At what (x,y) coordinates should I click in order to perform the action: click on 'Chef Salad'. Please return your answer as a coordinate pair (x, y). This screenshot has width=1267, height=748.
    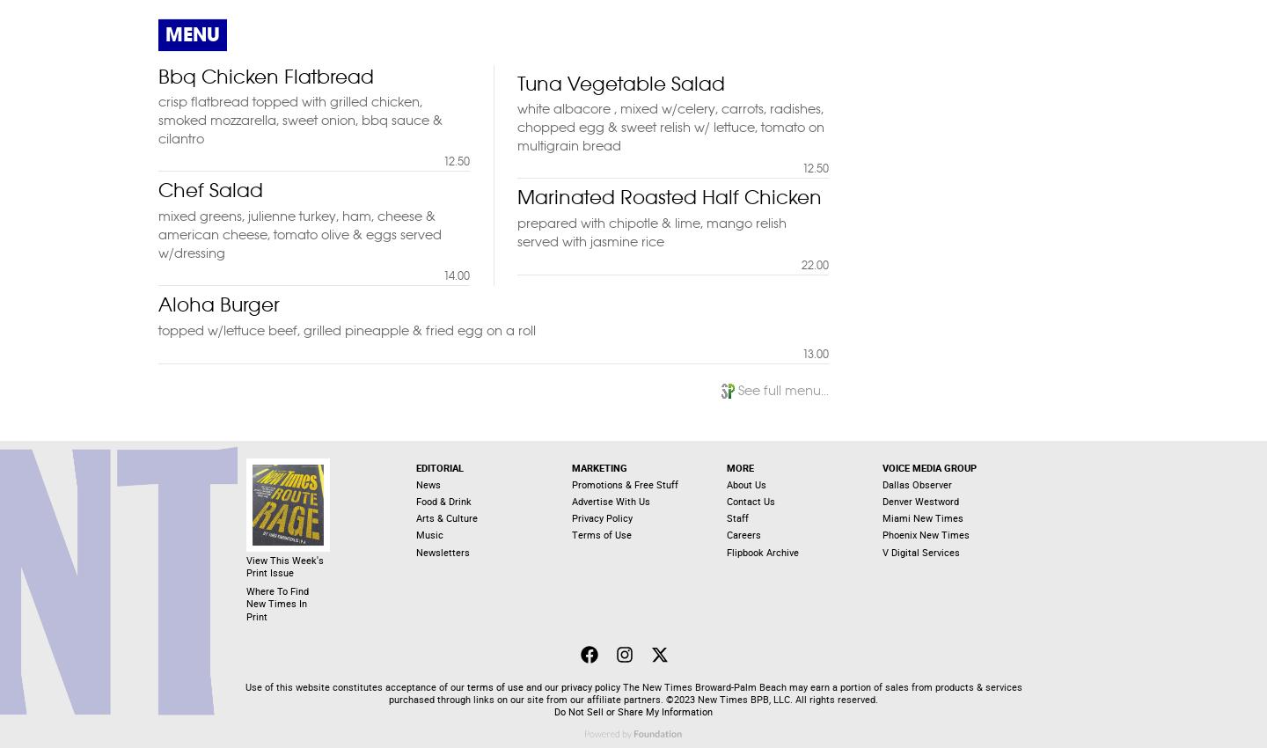
    Looking at the image, I should click on (210, 189).